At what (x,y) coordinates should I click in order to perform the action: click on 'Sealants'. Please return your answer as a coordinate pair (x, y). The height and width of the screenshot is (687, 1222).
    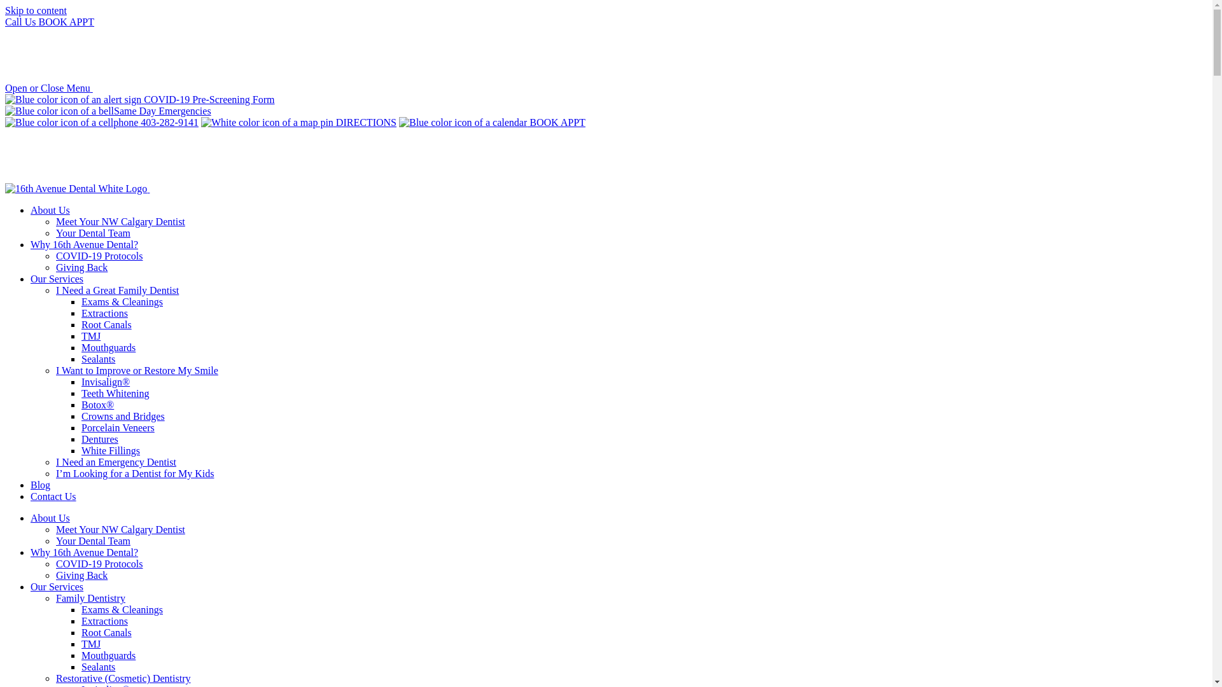
    Looking at the image, I should click on (97, 666).